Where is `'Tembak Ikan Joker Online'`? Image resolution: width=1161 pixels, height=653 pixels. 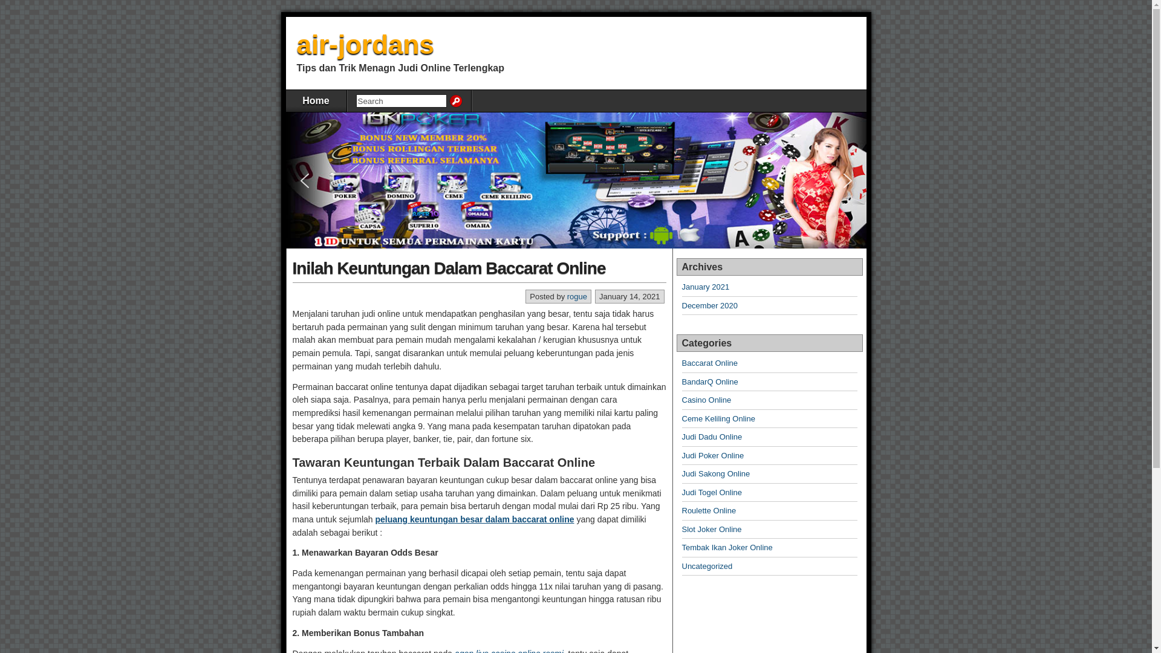
'Tembak Ikan Joker Online' is located at coordinates (682, 547).